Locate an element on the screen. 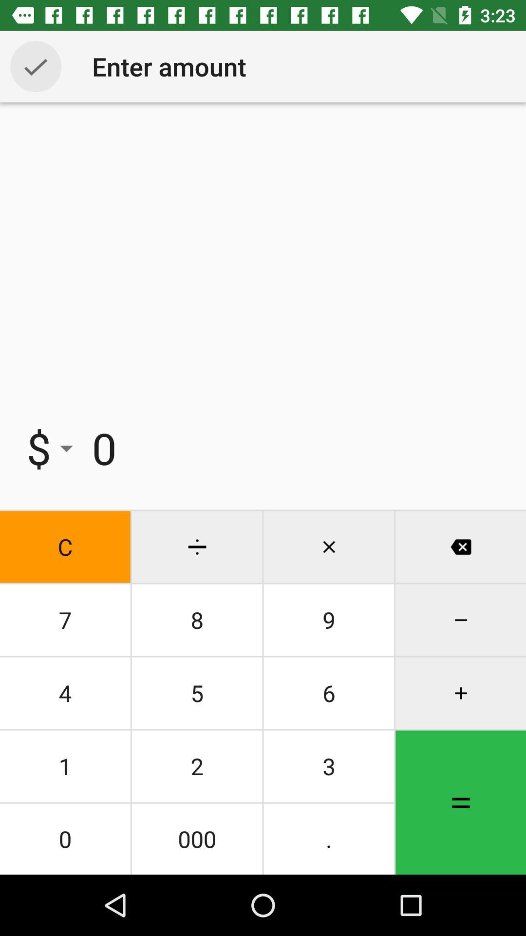  the 3 is located at coordinates (329, 765).